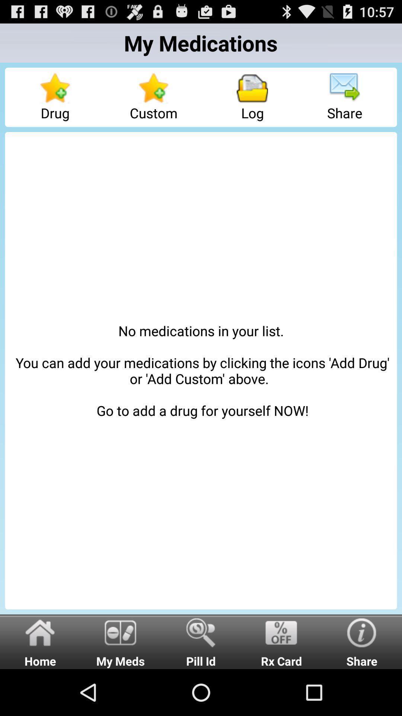 The height and width of the screenshot is (716, 402). What do you see at coordinates (120, 641) in the screenshot?
I see `item below the no medications in item` at bounding box center [120, 641].